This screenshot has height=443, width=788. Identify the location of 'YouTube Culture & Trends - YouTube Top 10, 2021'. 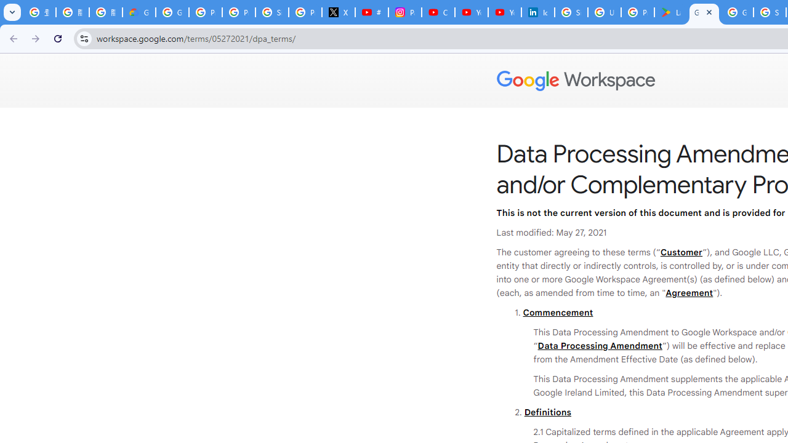
(504, 12).